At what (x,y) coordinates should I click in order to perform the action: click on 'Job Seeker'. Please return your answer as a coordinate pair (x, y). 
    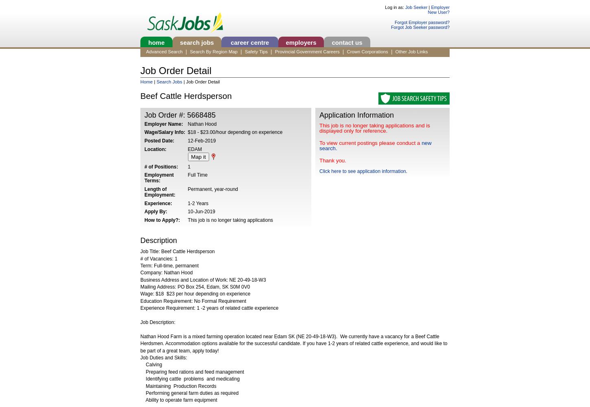
    Looking at the image, I should click on (416, 7).